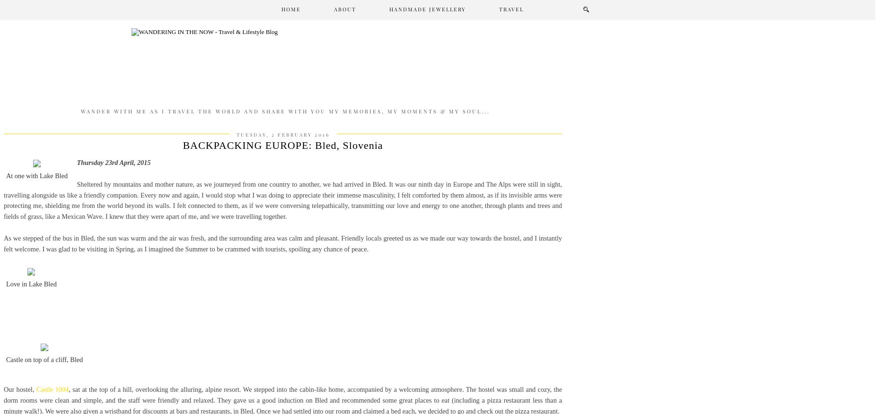 This screenshot has width=879, height=414. I want to click on 'BACKPACKING EUROPE: Bled, Slovenia', so click(282, 145).